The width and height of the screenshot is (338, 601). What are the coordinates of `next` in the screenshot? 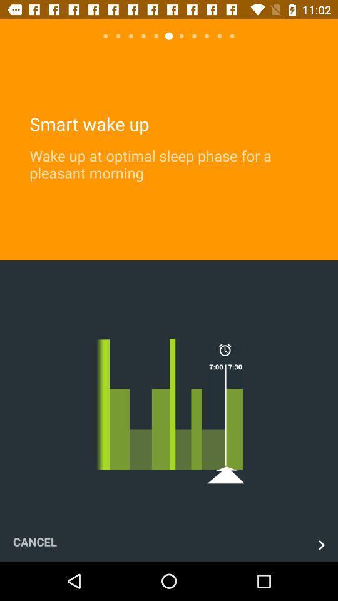 It's located at (321, 544).